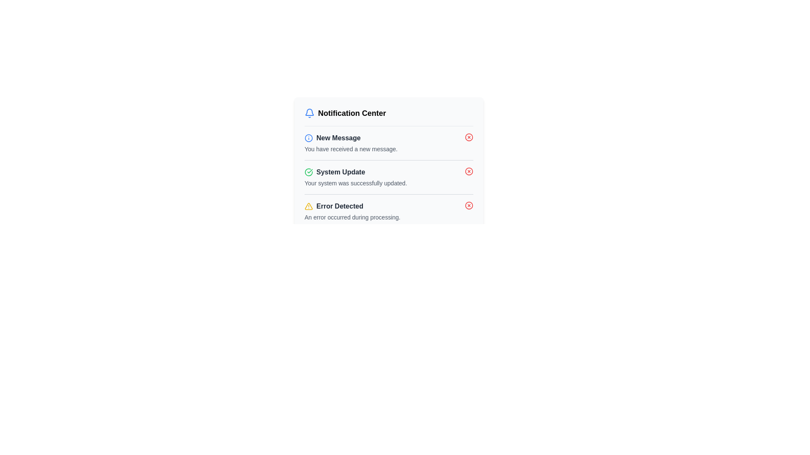 This screenshot has height=455, width=810. I want to click on the circular cancel button with a red border and cross symbol, so click(469, 137).